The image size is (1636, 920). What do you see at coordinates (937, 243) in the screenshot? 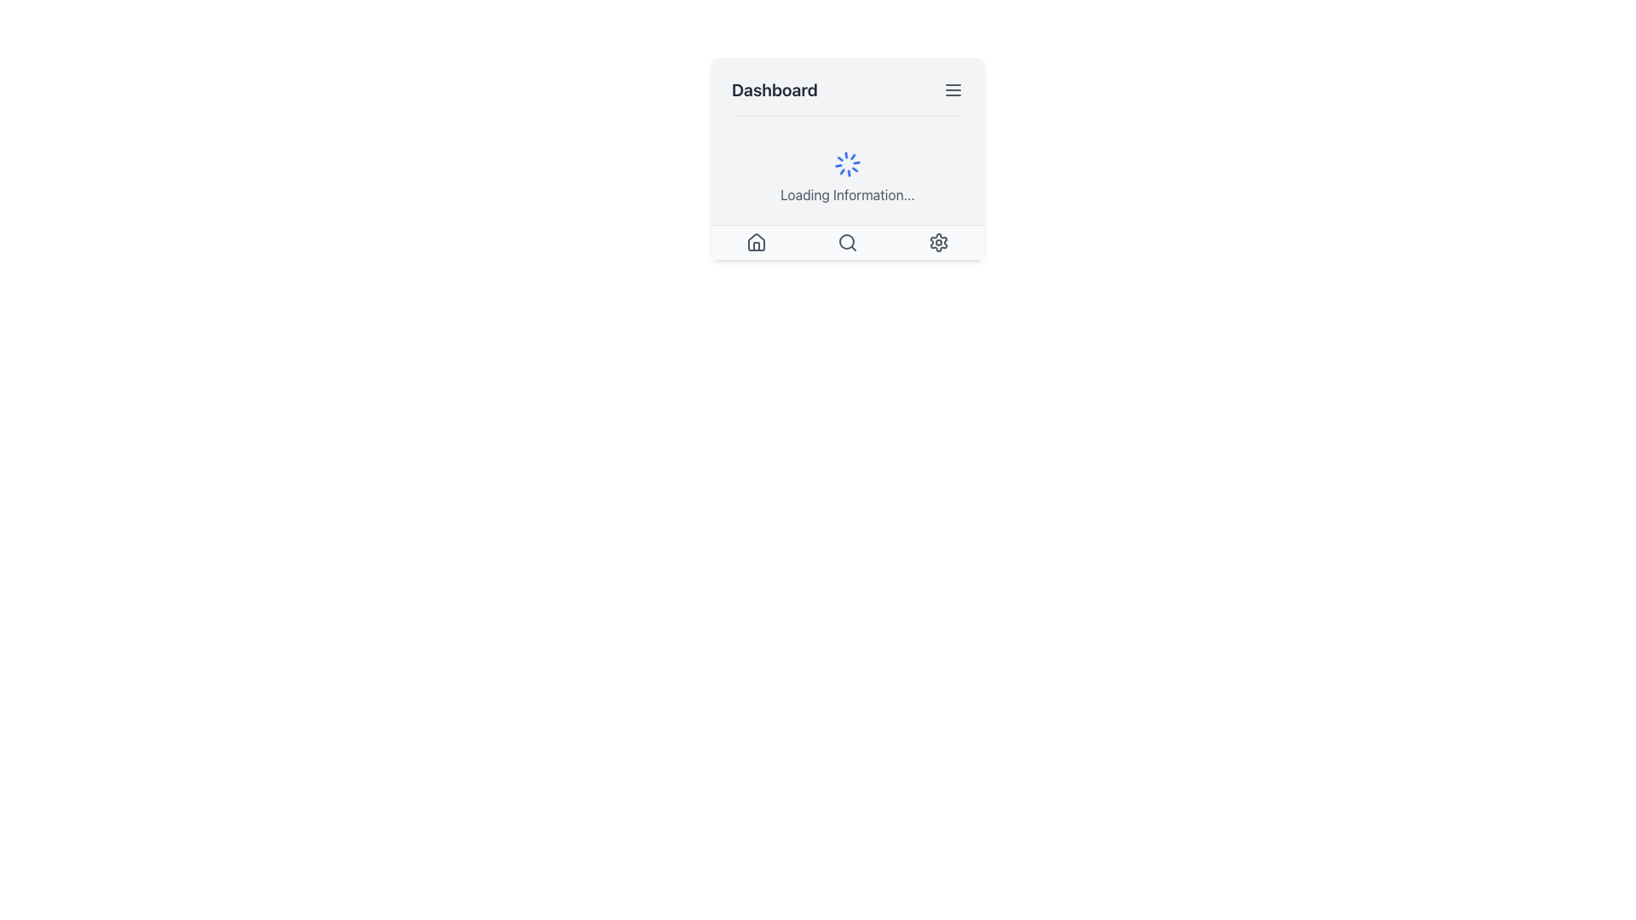
I see `the small gray gear icon located at the far right of the bottom navigation bar` at bounding box center [937, 243].